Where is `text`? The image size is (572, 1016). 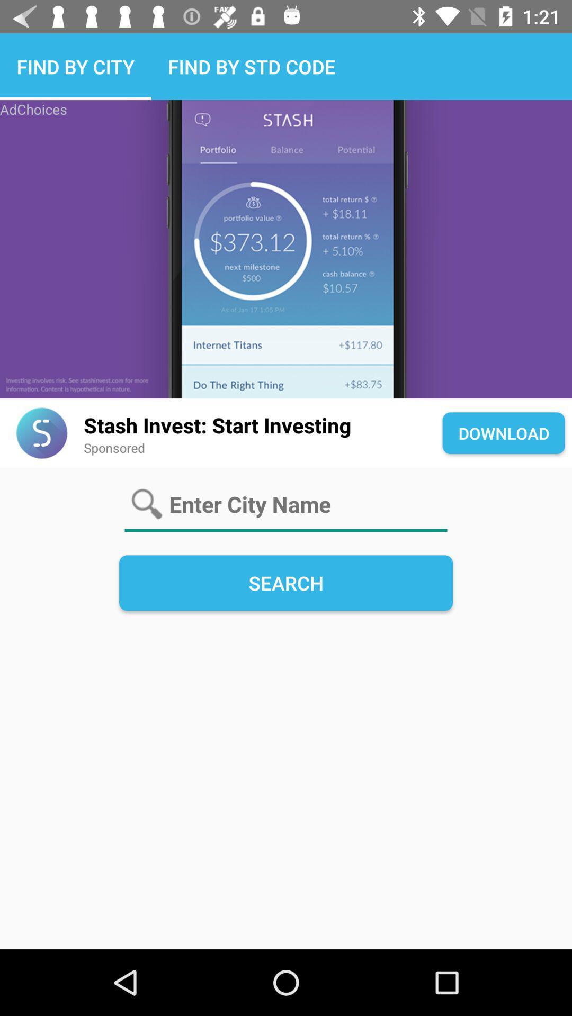
text is located at coordinates (286, 504).